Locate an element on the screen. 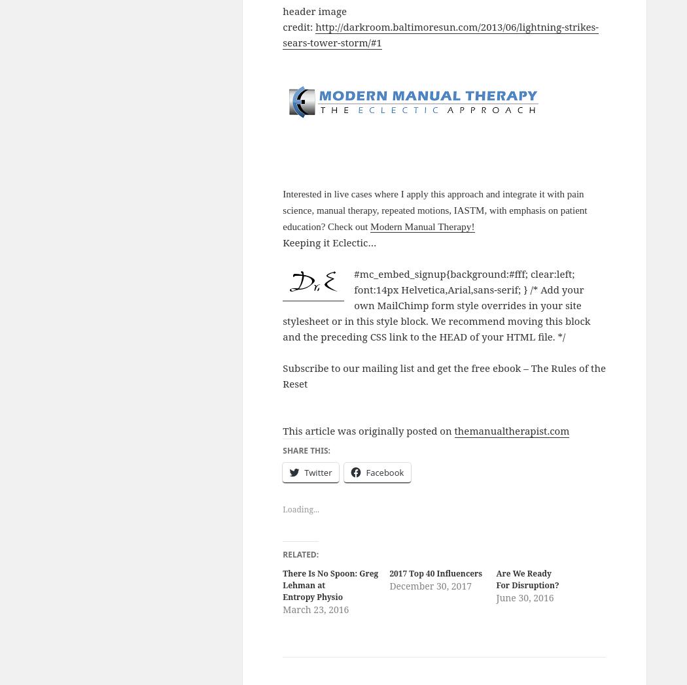 The width and height of the screenshot is (687, 685). 'Interested in live cases where I apply this approach and integrate it with pain science, manual therapy, repeated motions, IASTM, with emphasis on patient education? Check out' is located at coordinates (434, 210).